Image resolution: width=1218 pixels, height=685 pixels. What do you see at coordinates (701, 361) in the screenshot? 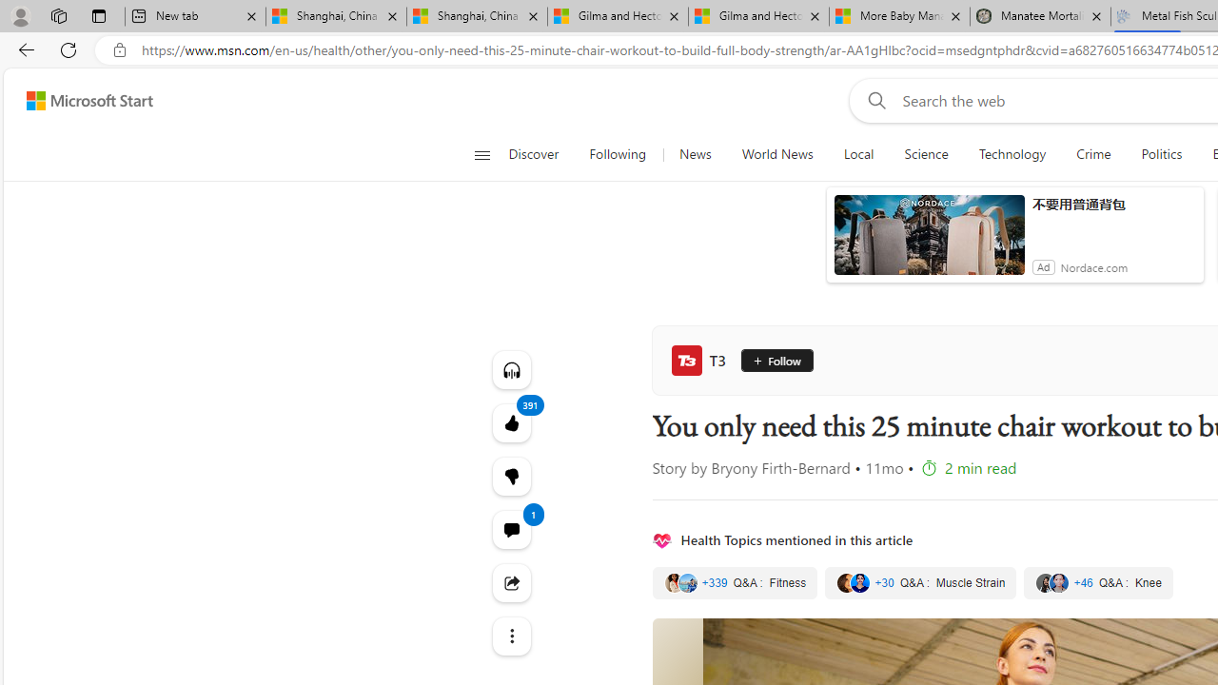
I see `'T3'` at bounding box center [701, 361].